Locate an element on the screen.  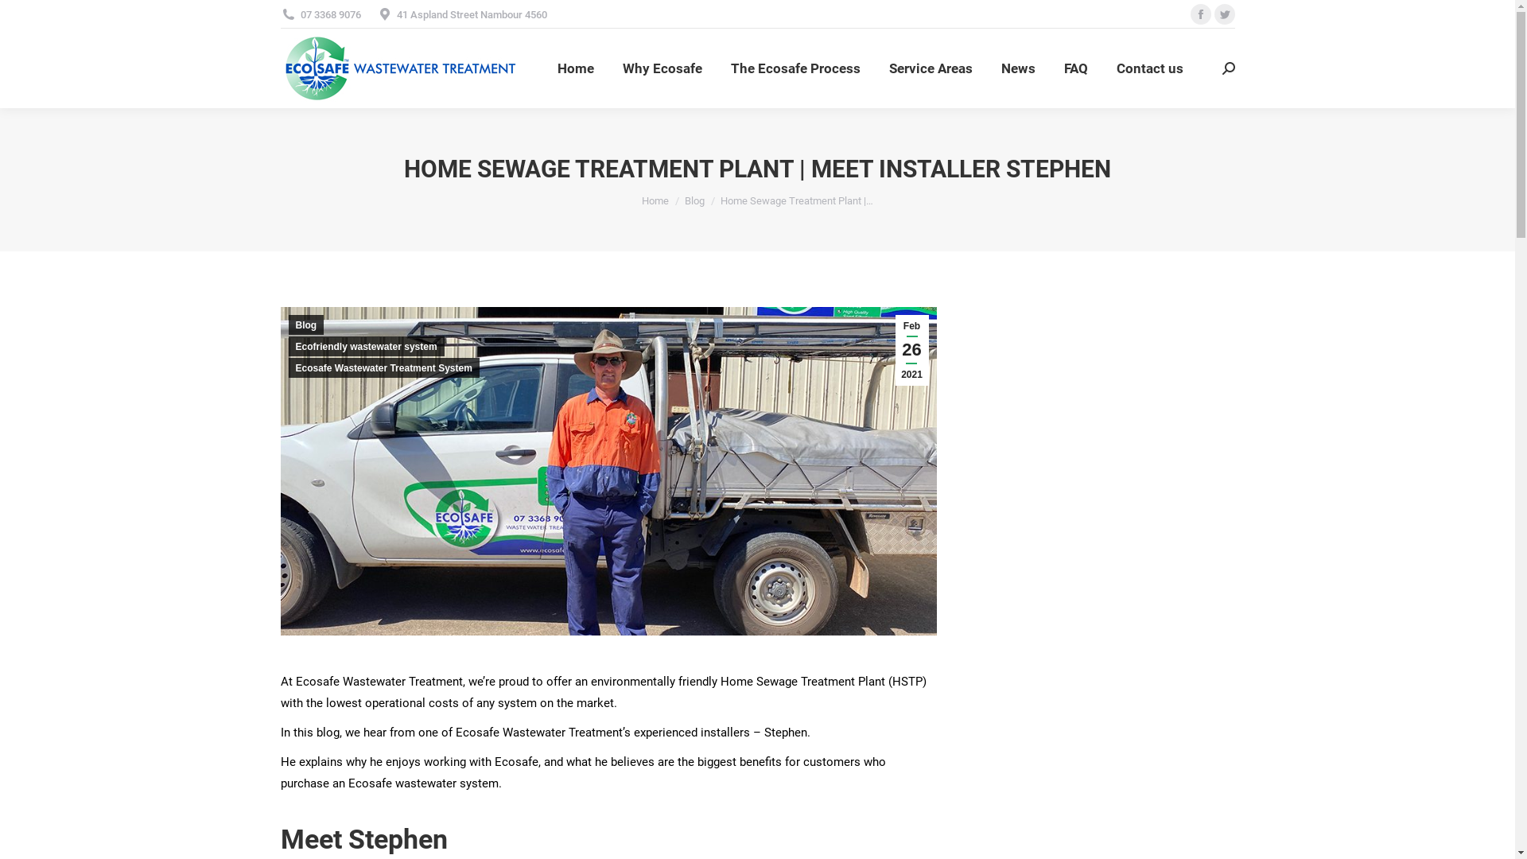
'Ecosafe Wastewater Treatment System' is located at coordinates (383, 367).